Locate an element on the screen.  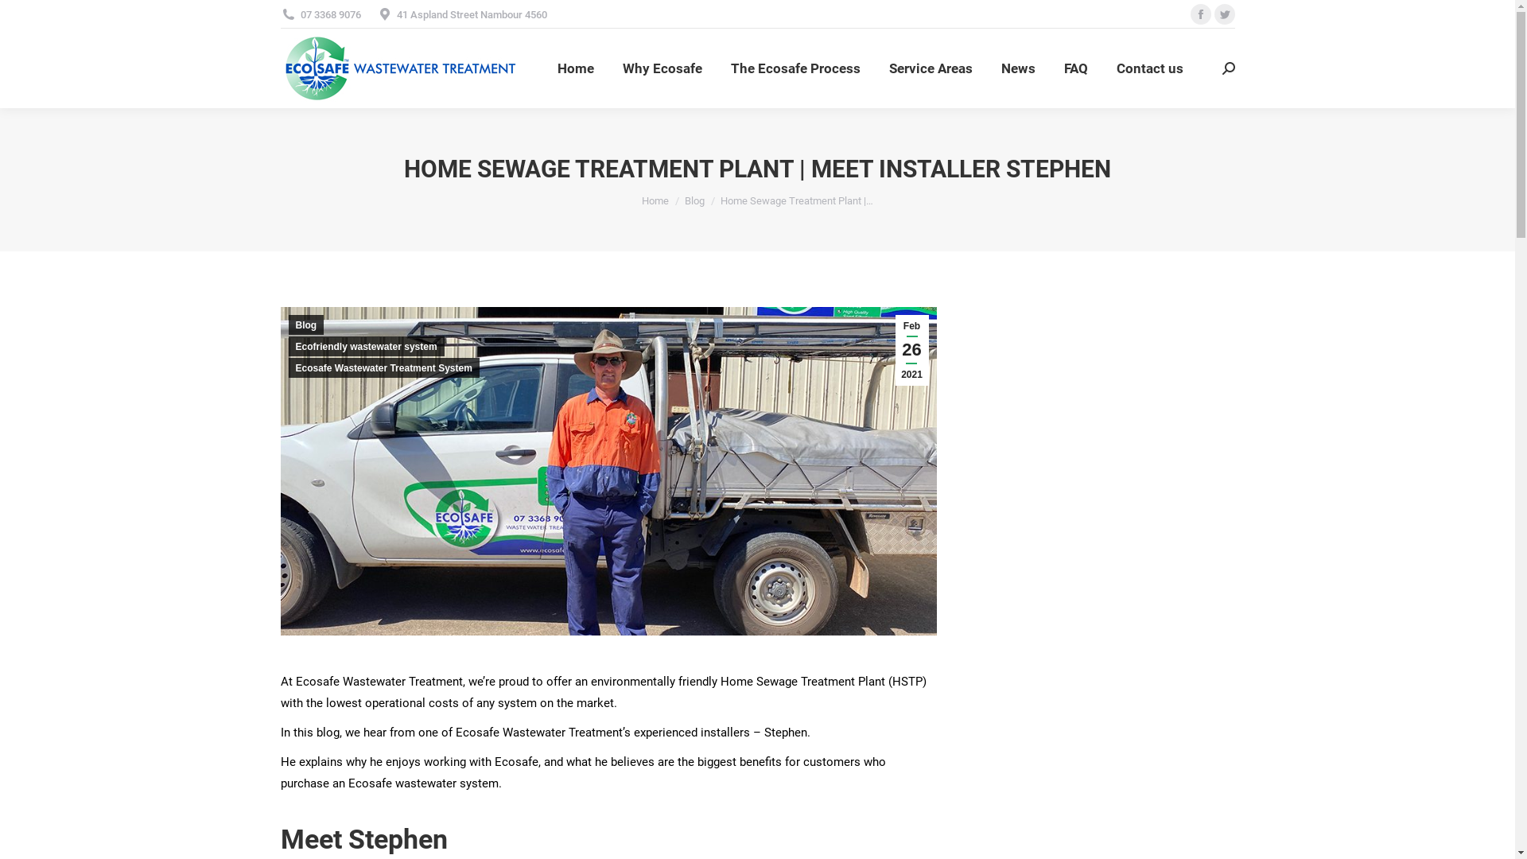
'Ecosafe Wastewater Treatment System' is located at coordinates (383, 367).